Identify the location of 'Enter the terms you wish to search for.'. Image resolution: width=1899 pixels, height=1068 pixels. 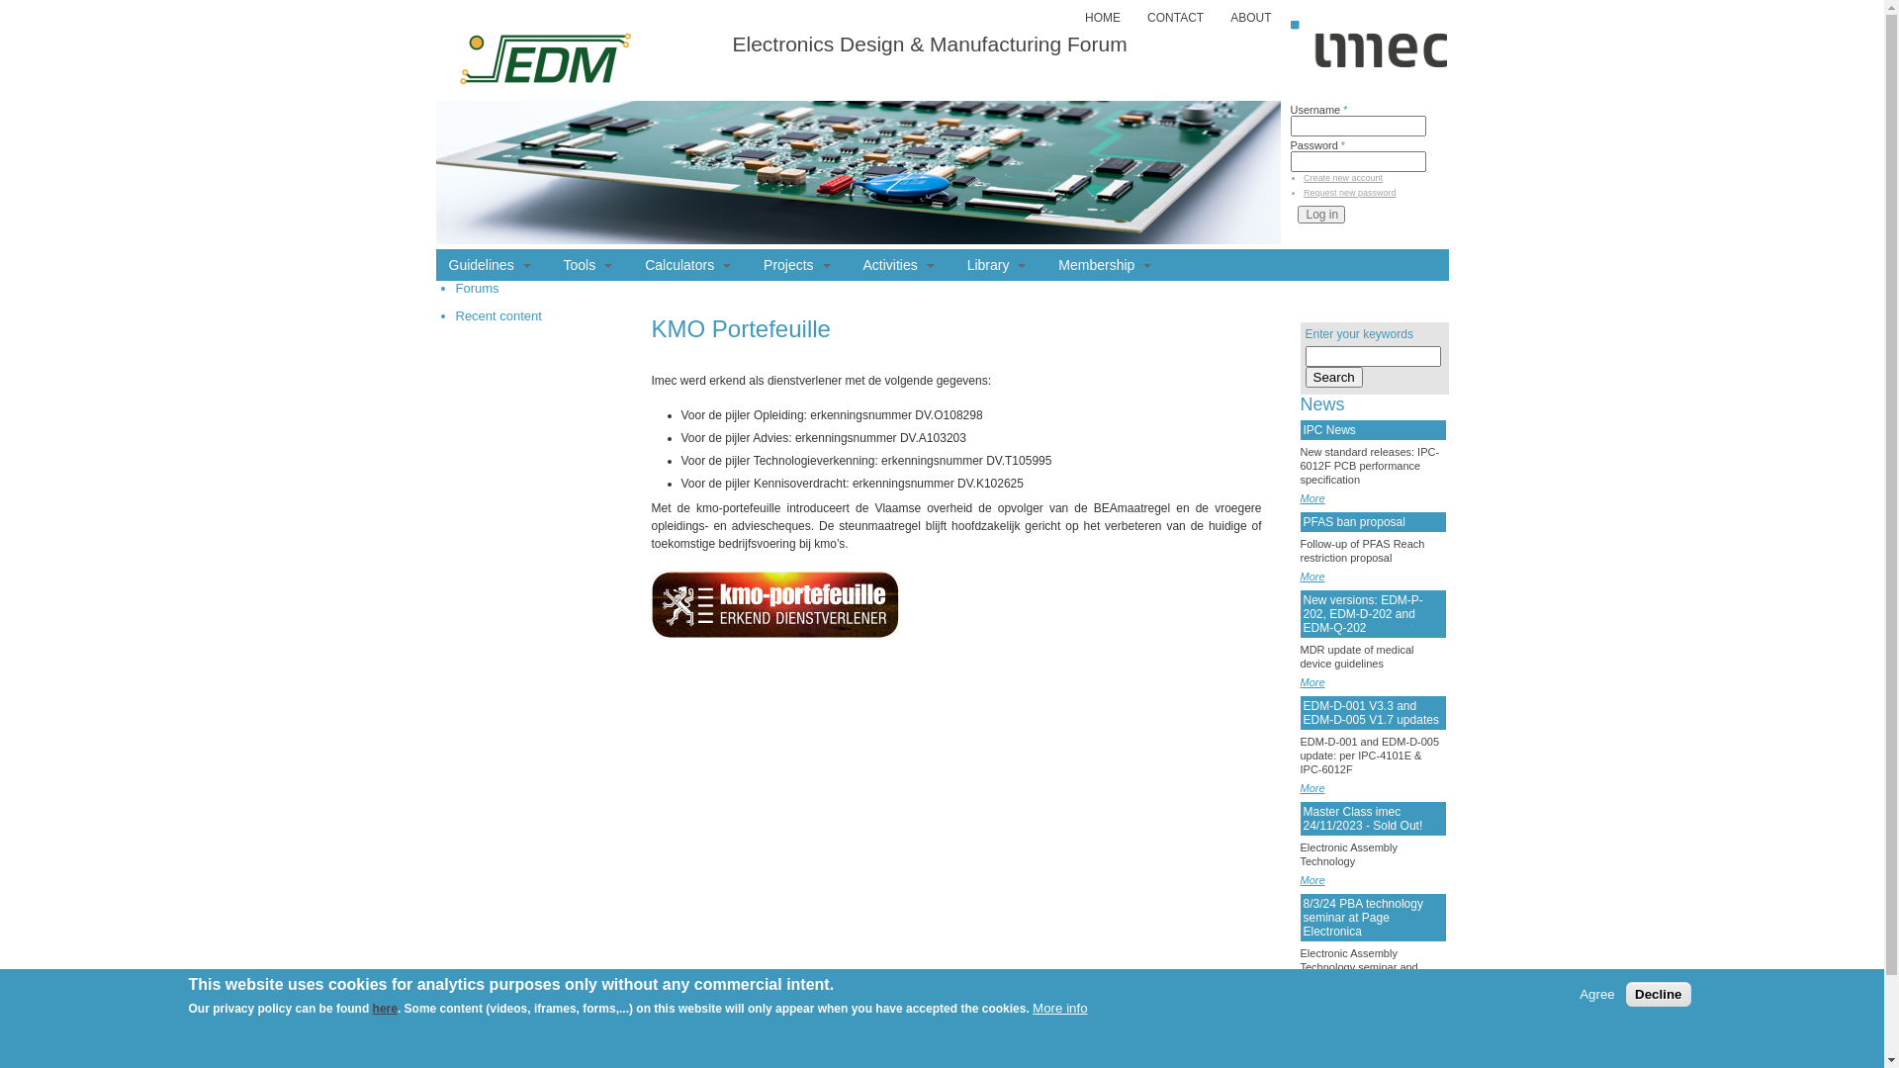
(1372, 356).